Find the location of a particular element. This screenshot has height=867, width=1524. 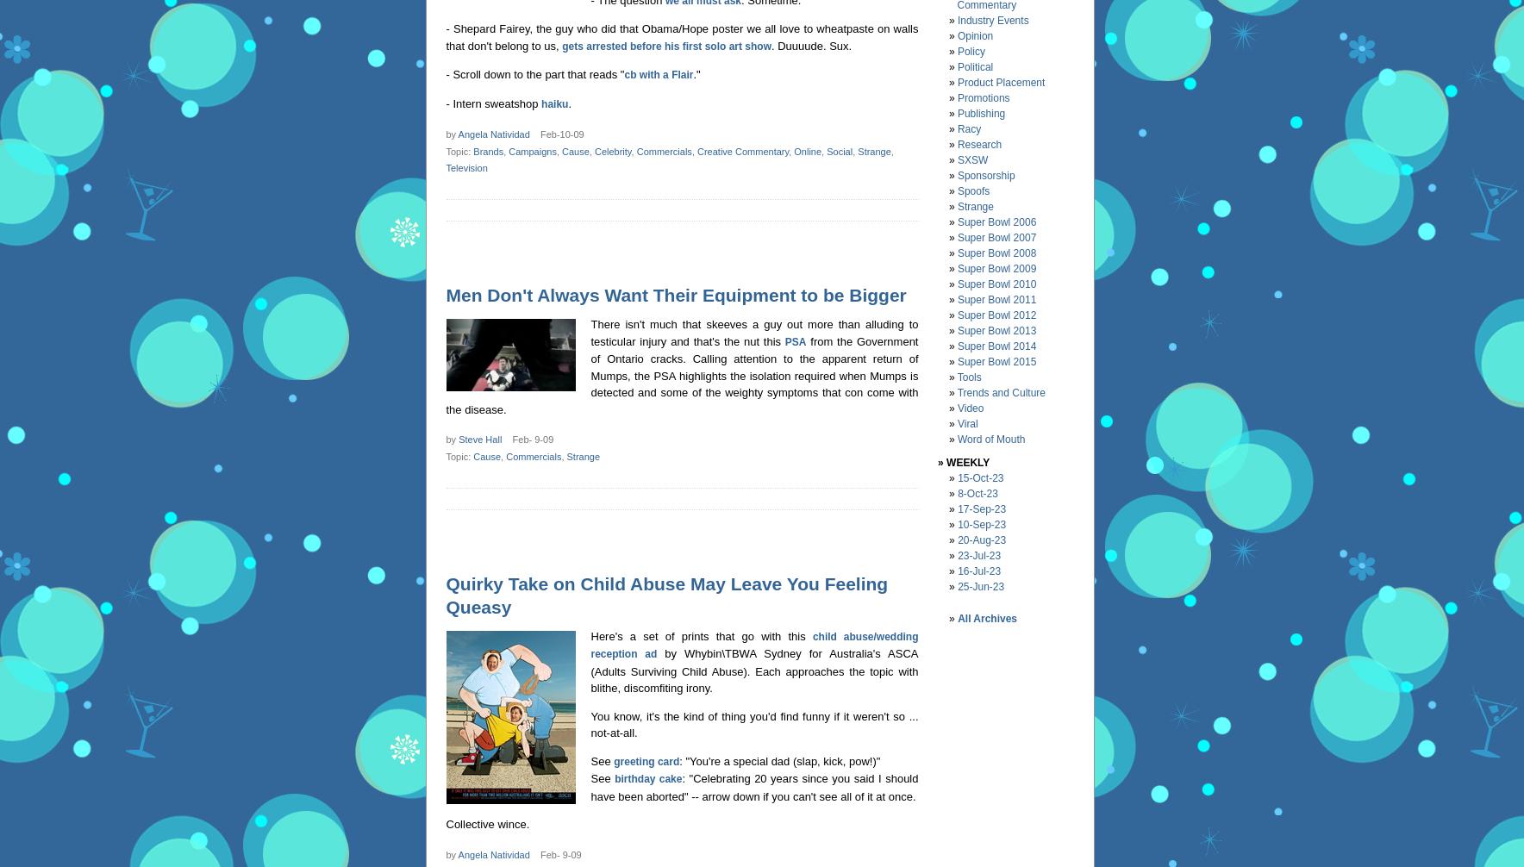

'20-Aug-23' is located at coordinates (981, 540).